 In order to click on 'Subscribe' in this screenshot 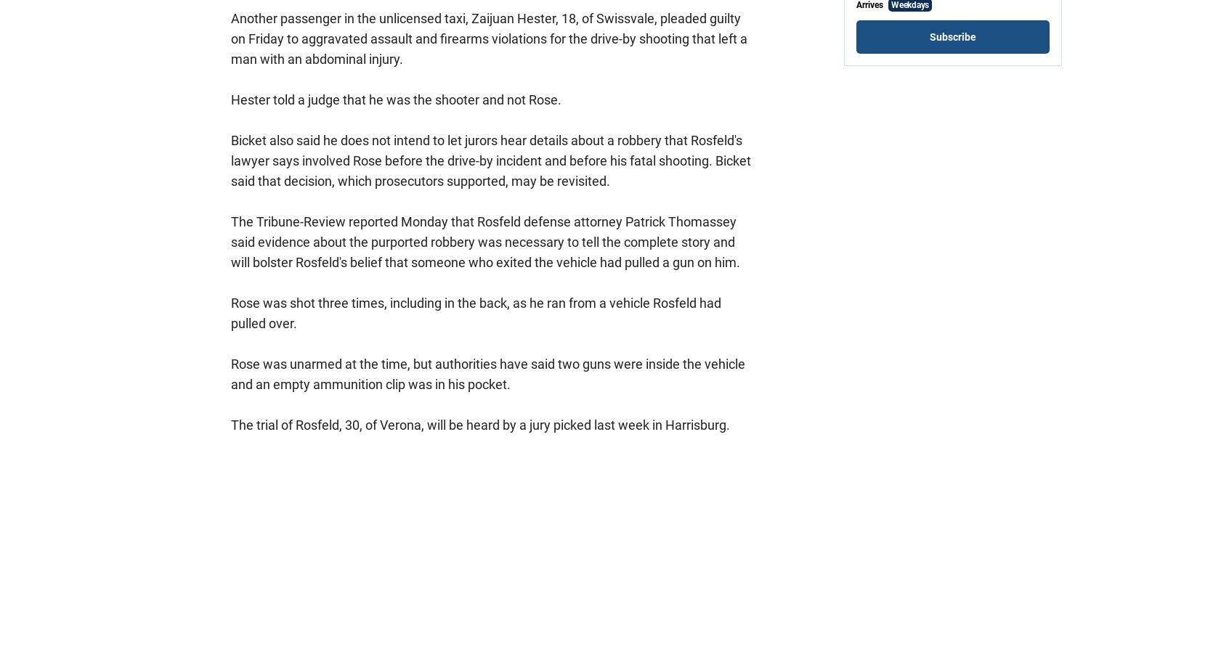, I will do `click(952, 37)`.